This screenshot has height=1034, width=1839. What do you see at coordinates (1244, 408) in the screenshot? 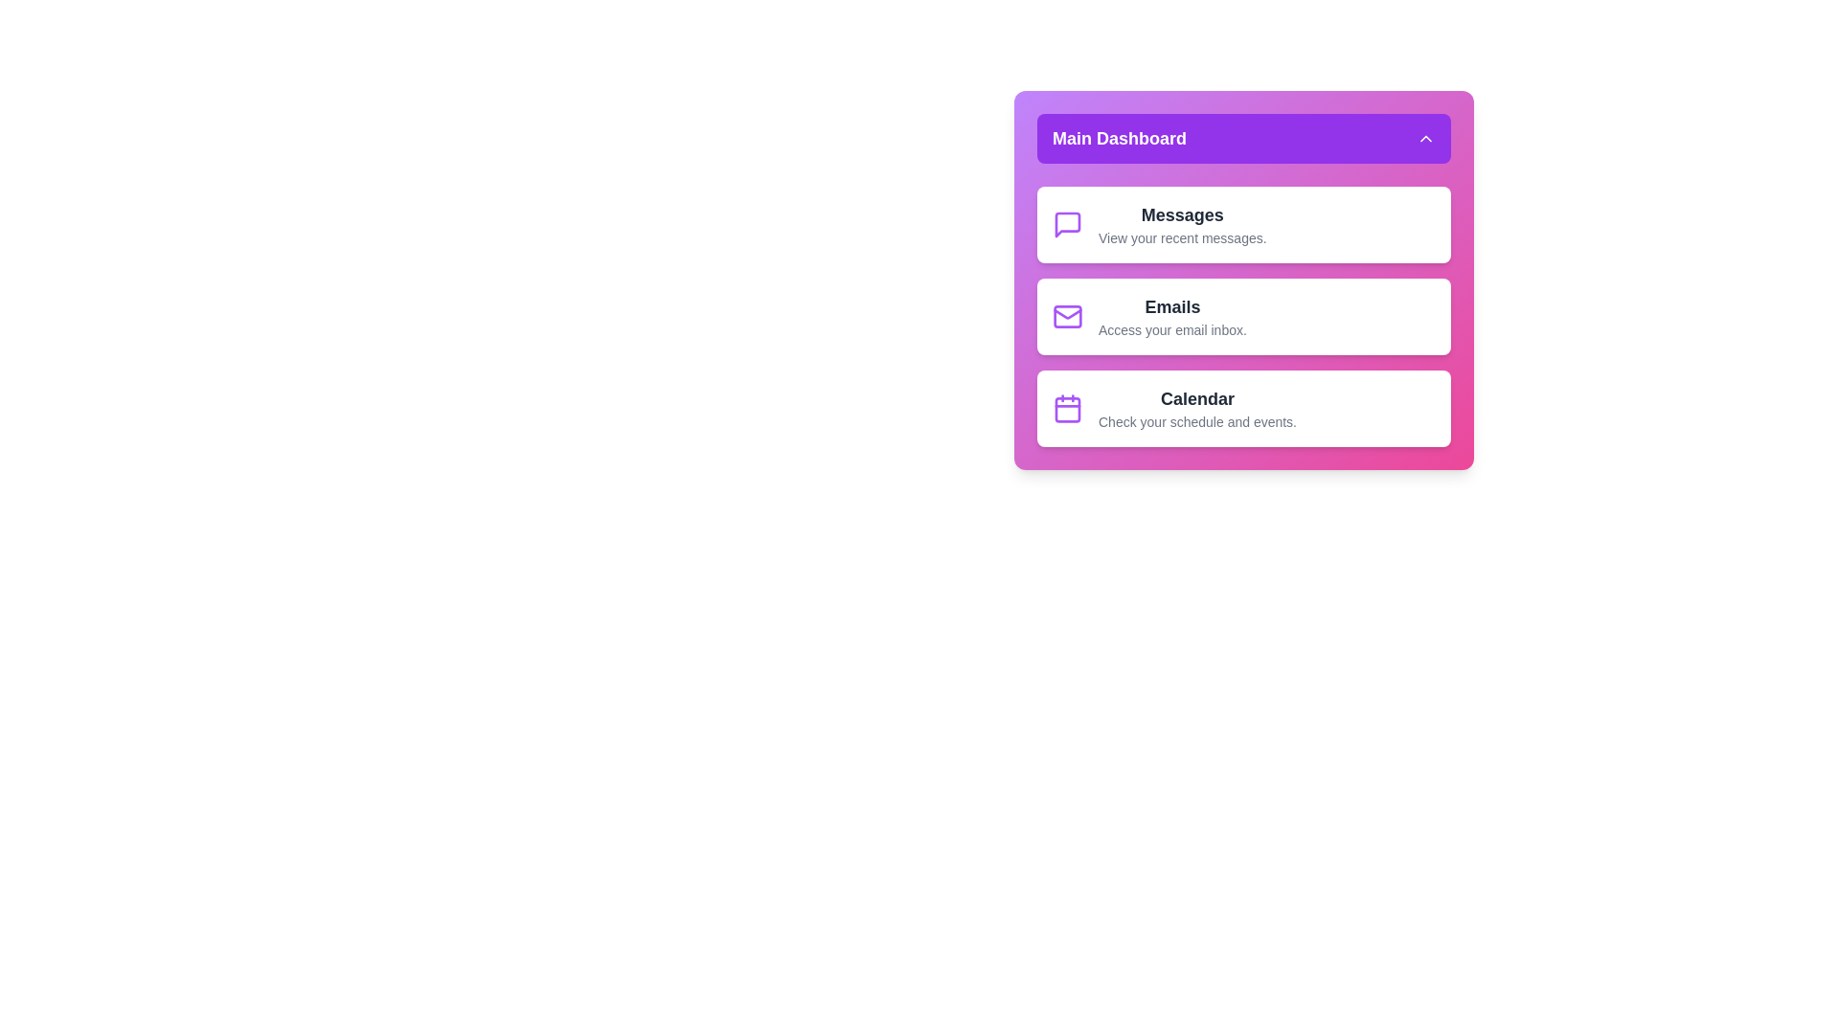
I see `the menu item Calendar from the displayed menu` at bounding box center [1244, 408].